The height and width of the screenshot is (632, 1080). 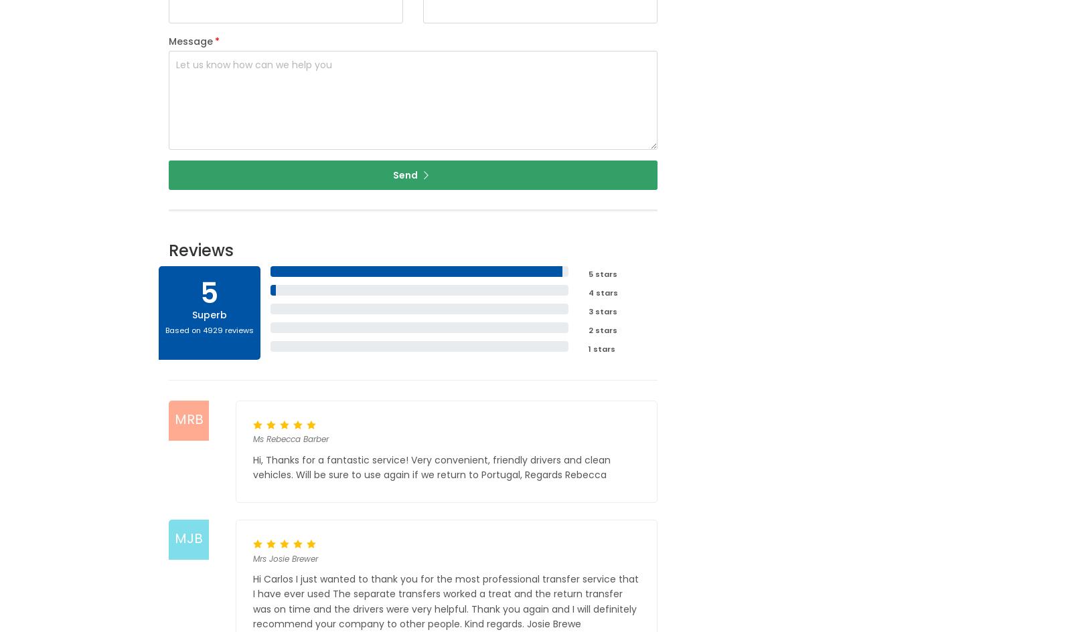 What do you see at coordinates (208, 314) in the screenshot?
I see `'Superb'` at bounding box center [208, 314].